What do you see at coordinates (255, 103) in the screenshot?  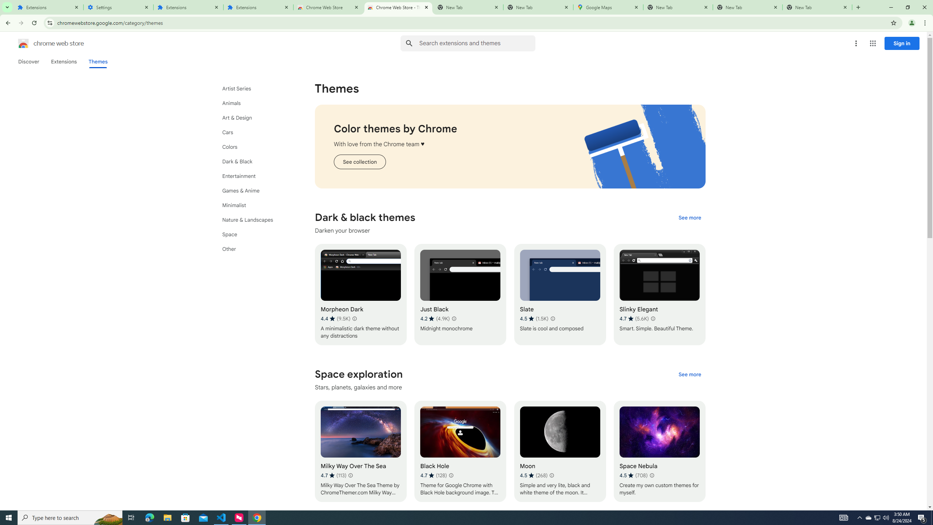 I see `'Animals'` at bounding box center [255, 103].